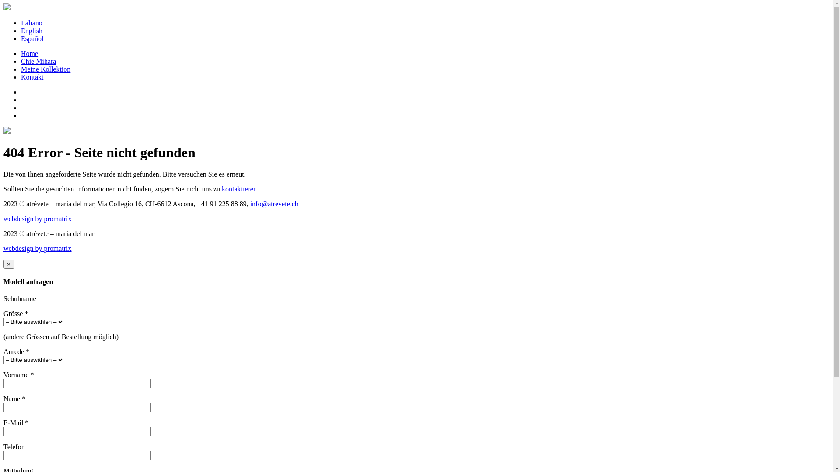 This screenshot has height=472, width=840. I want to click on 'kontaktieren', so click(239, 188).